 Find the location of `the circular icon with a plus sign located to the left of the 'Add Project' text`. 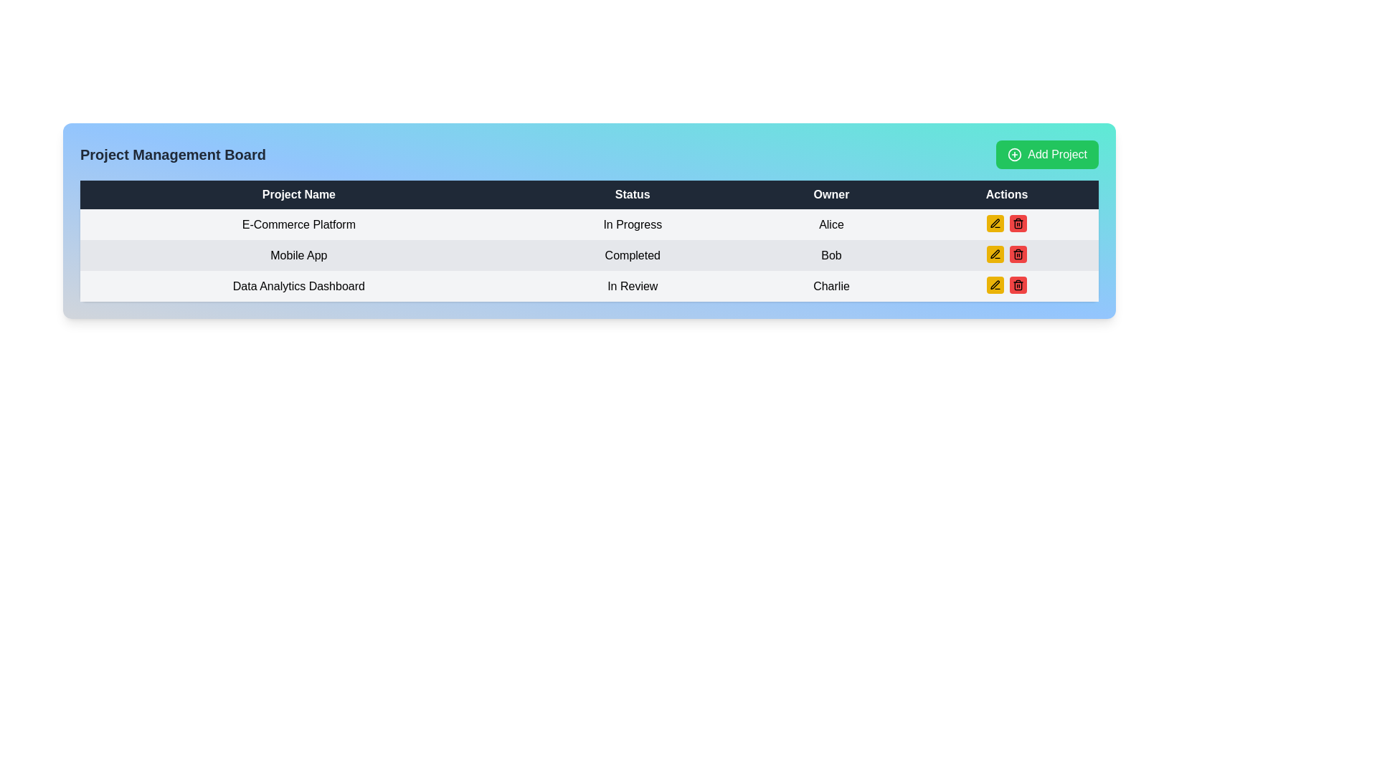

the circular icon with a plus sign located to the left of the 'Add Project' text is located at coordinates (1014, 155).